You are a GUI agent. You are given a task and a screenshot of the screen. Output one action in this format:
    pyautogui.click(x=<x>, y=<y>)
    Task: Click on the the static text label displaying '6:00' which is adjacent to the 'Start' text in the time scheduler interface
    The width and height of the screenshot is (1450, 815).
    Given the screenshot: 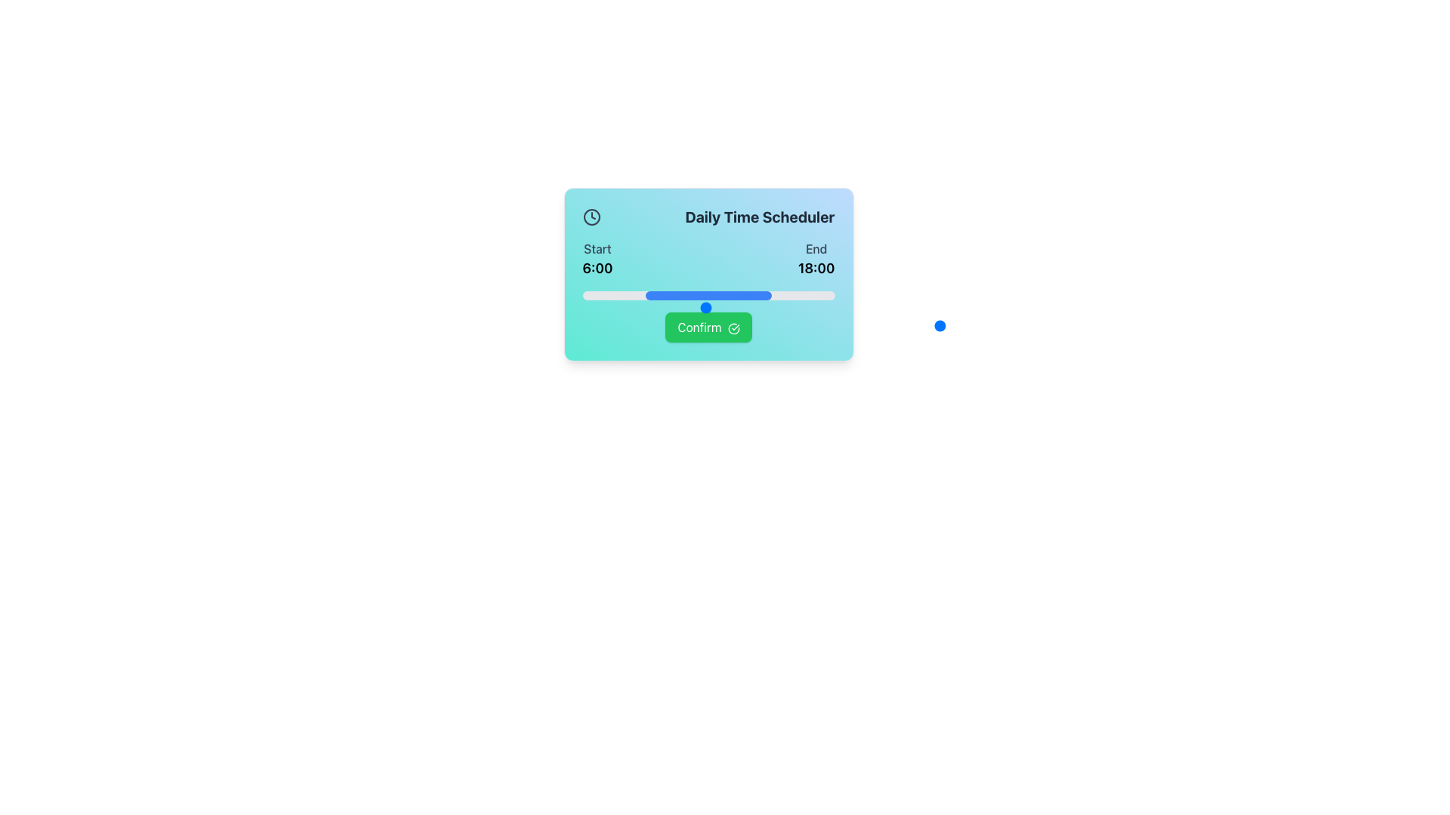 What is the action you would take?
    pyautogui.click(x=597, y=267)
    